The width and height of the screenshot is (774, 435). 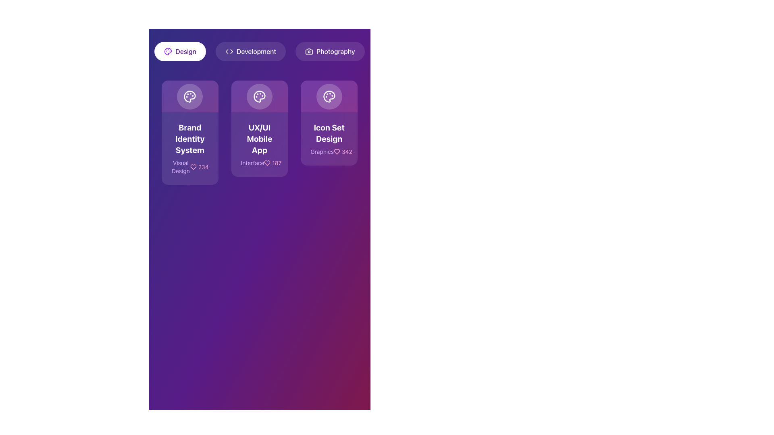 What do you see at coordinates (189, 139) in the screenshot?
I see `header text of the leftmost card in the group of three cards, positioned below the navigation bar` at bounding box center [189, 139].